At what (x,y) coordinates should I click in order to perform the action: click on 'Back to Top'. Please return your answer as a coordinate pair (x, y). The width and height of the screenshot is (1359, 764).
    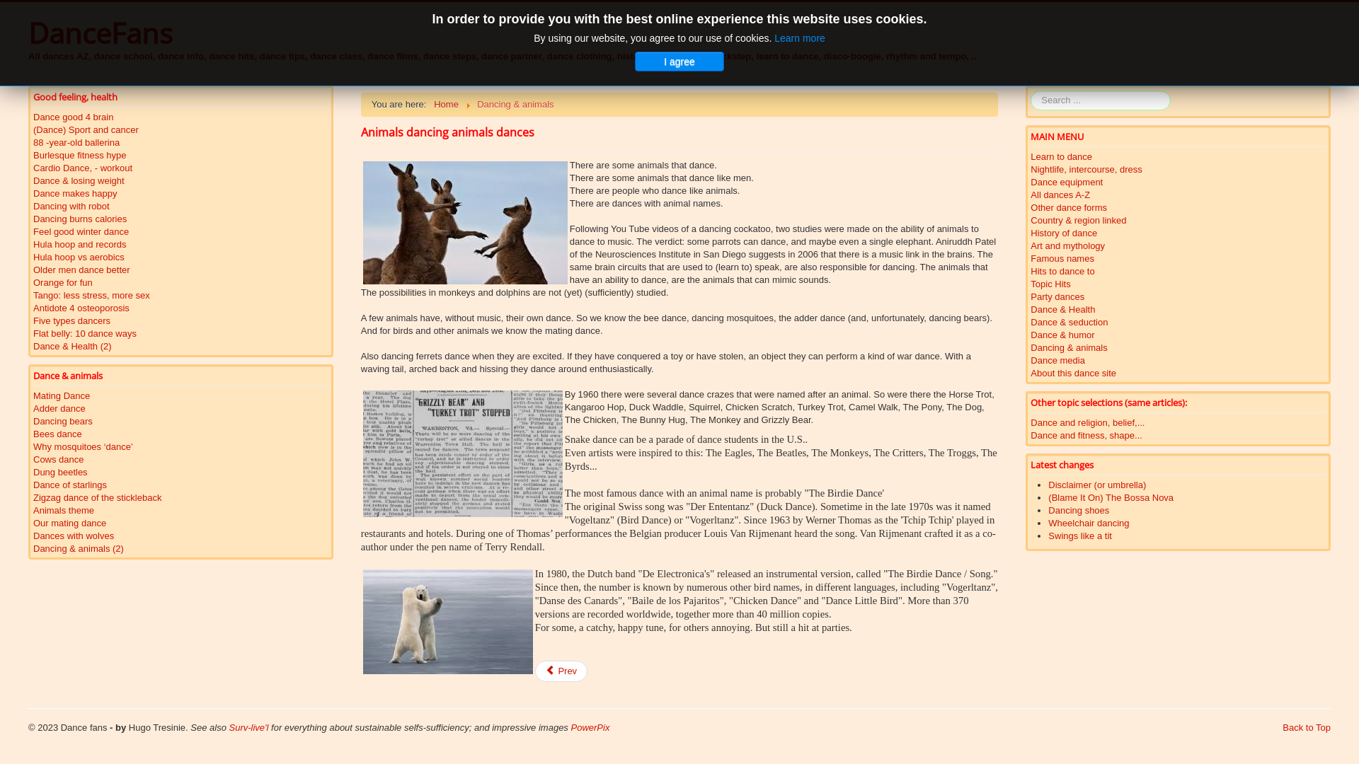
    Looking at the image, I should click on (1306, 727).